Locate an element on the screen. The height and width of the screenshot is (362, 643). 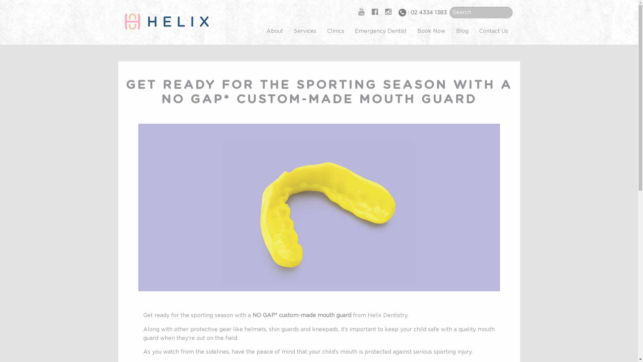
'About' is located at coordinates (261, 31).